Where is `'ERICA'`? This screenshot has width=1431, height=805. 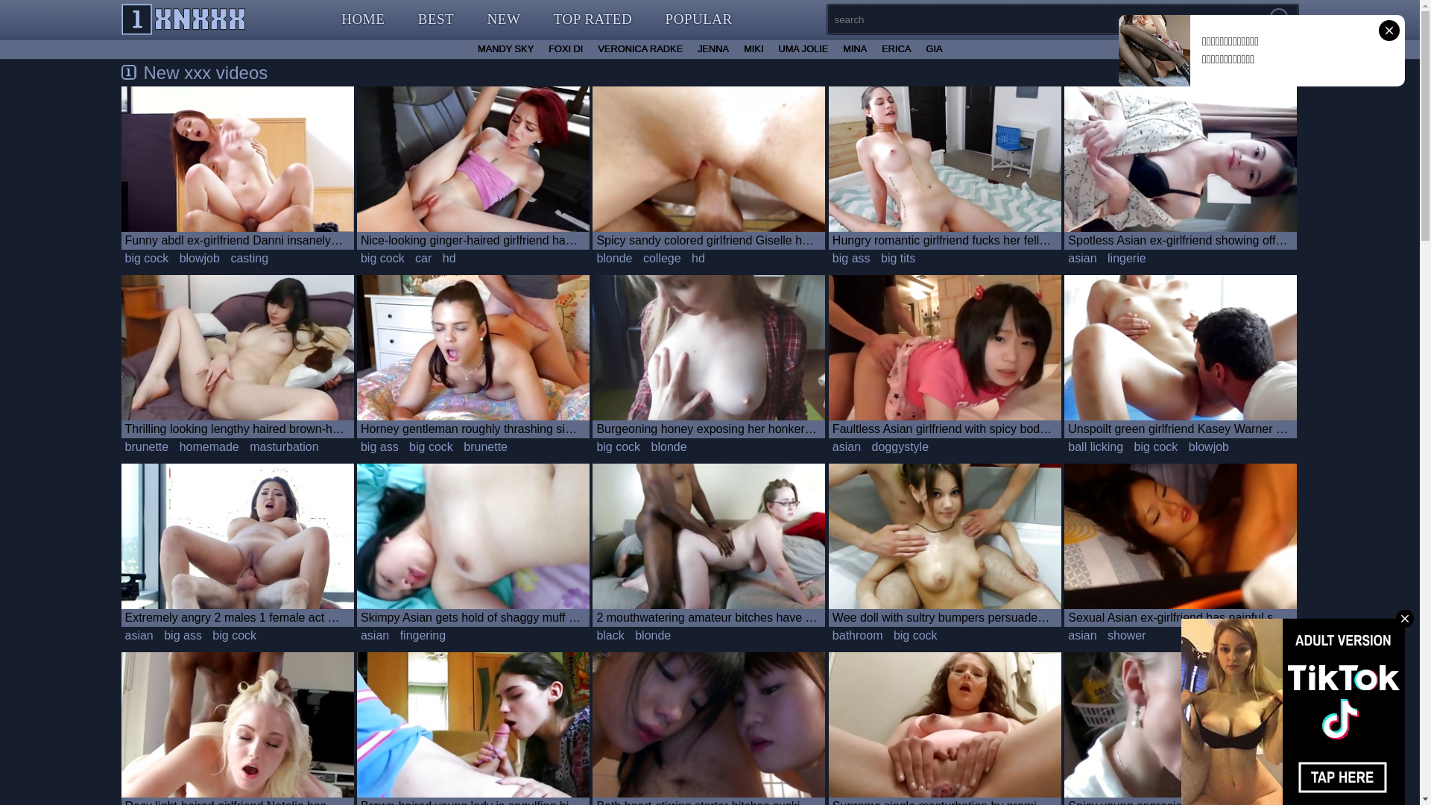
'ERICA' is located at coordinates (895, 48).